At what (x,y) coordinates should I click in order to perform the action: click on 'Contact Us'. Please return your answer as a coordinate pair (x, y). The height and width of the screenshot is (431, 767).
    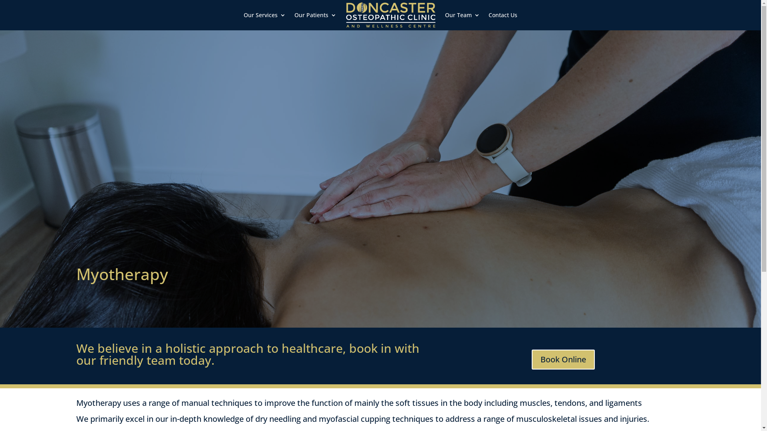
    Looking at the image, I should click on (502, 15).